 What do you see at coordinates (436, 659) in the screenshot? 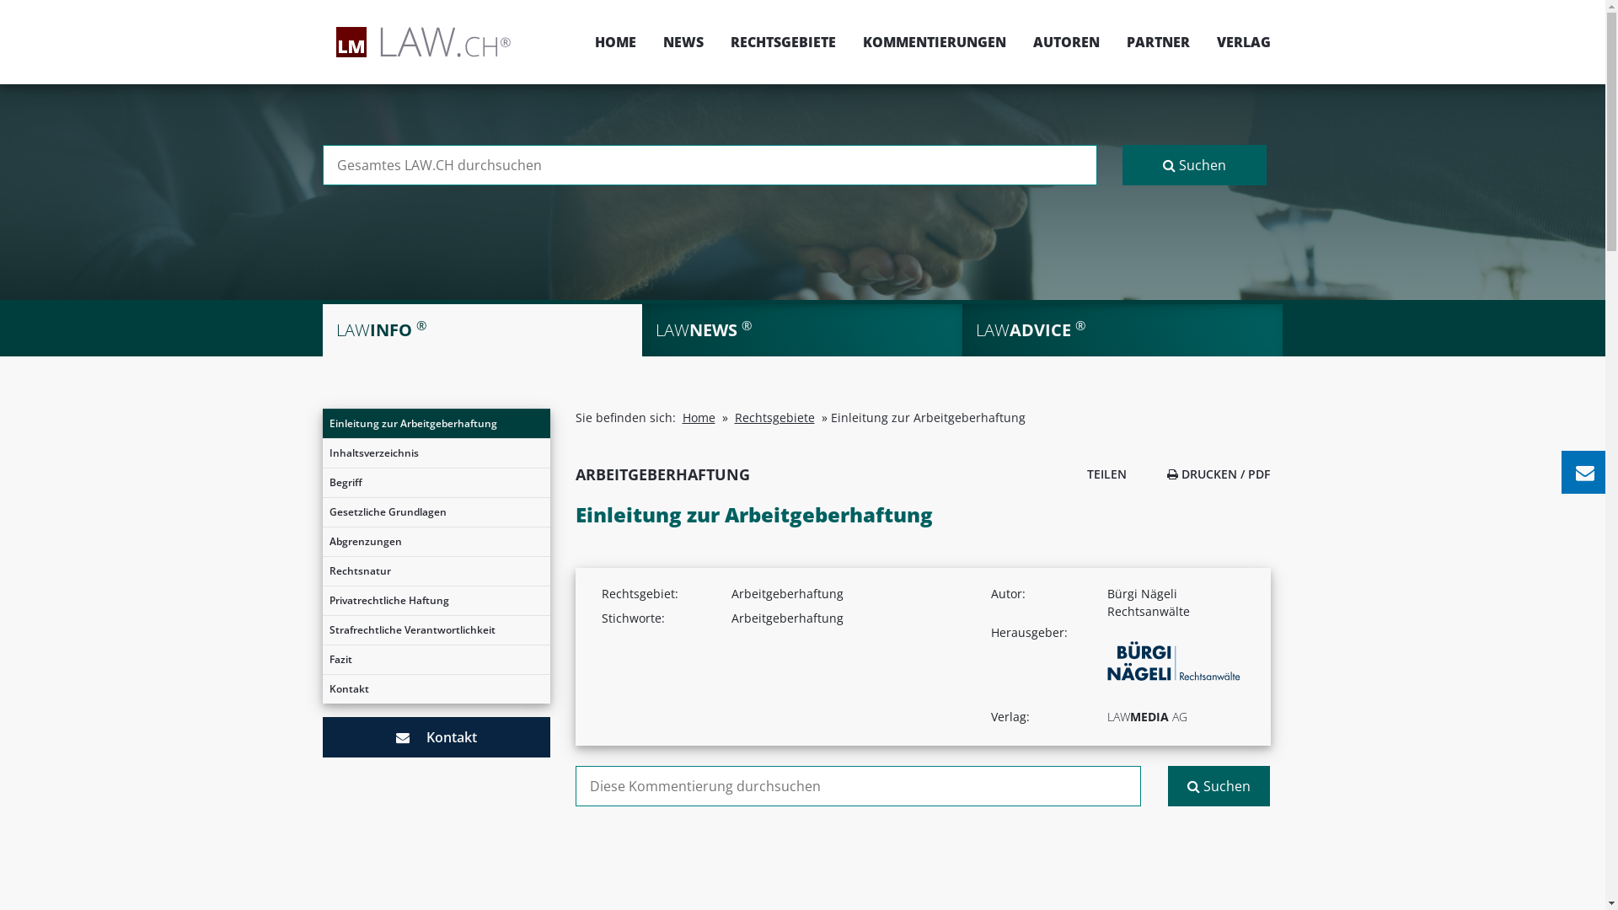
I see `'Fazit'` at bounding box center [436, 659].